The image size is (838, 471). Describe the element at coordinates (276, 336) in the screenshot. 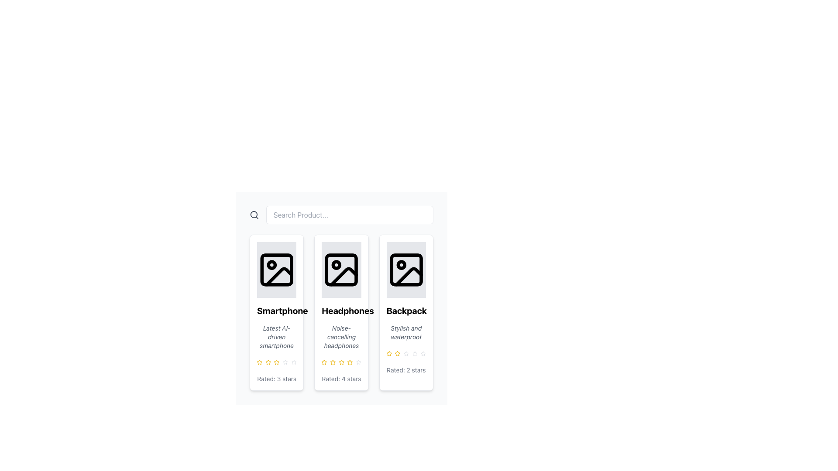

I see `the gray italic text label that says 'Latest AI-driven smartphone', which is centrally located beneath the title 'Smartphone' and above the rating stars` at that location.